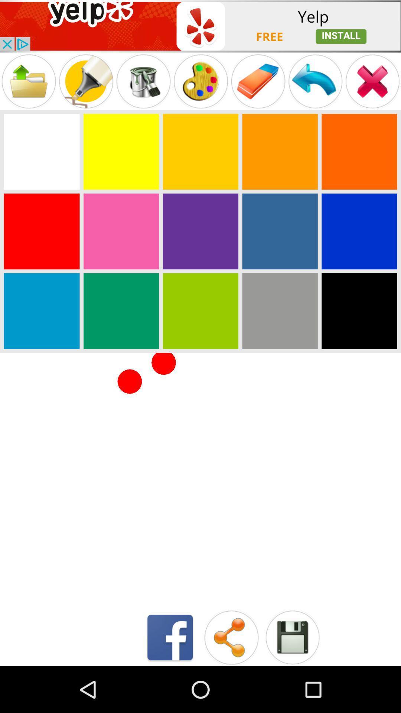  Describe the element at coordinates (258, 81) in the screenshot. I see `menu` at that location.